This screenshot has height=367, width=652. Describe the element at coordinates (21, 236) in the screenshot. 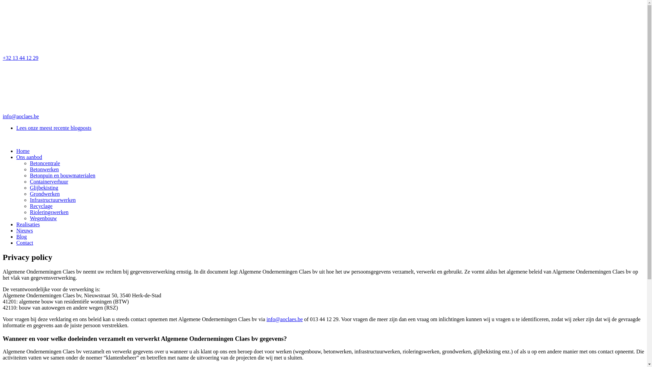

I see `'Blog'` at that location.